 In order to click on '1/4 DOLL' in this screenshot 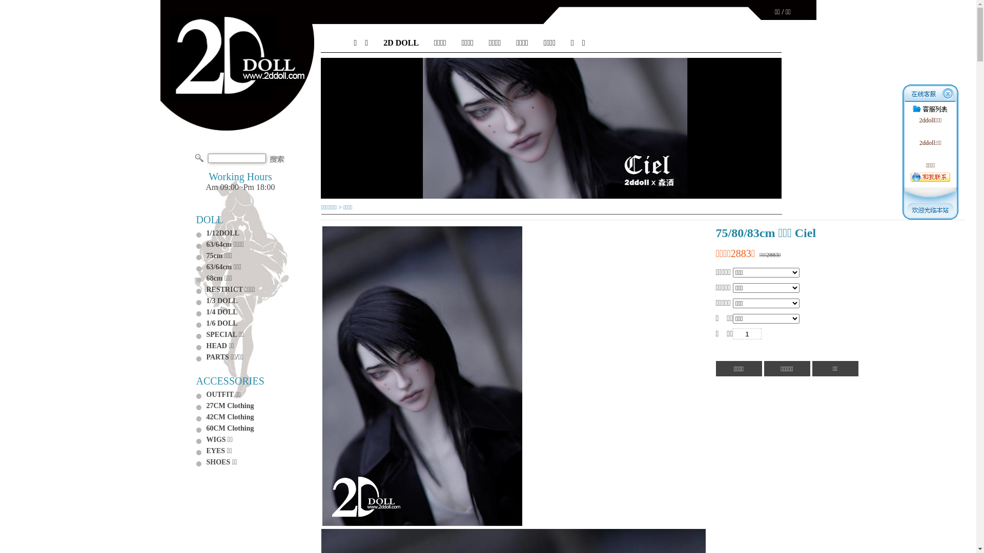, I will do `click(221, 311)`.